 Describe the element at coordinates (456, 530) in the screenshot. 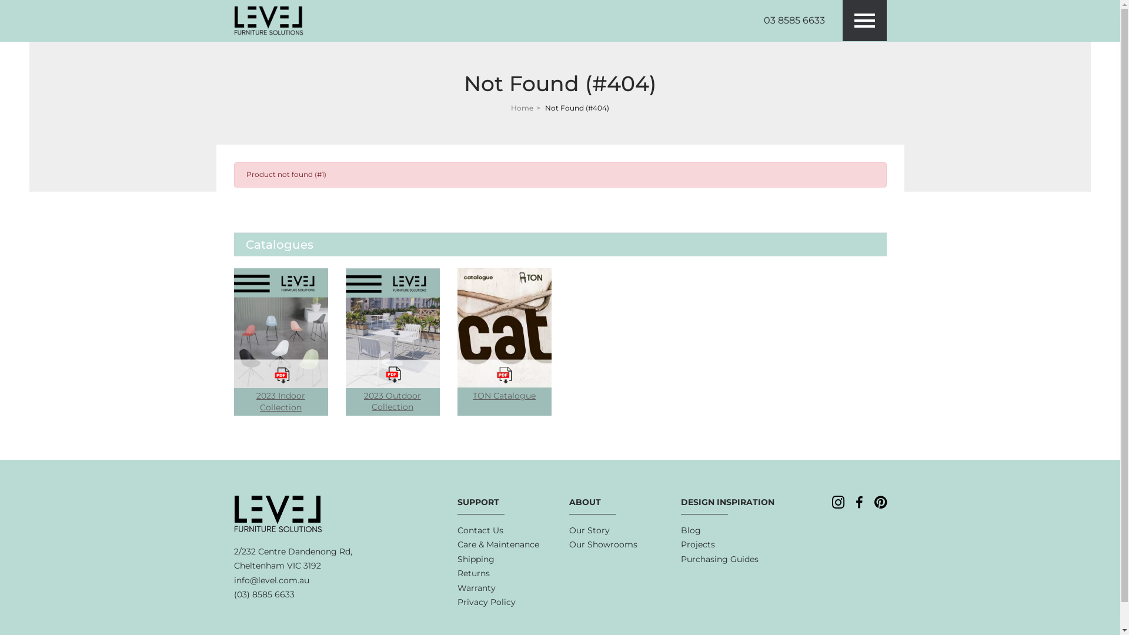

I see `'Contact Us'` at that location.